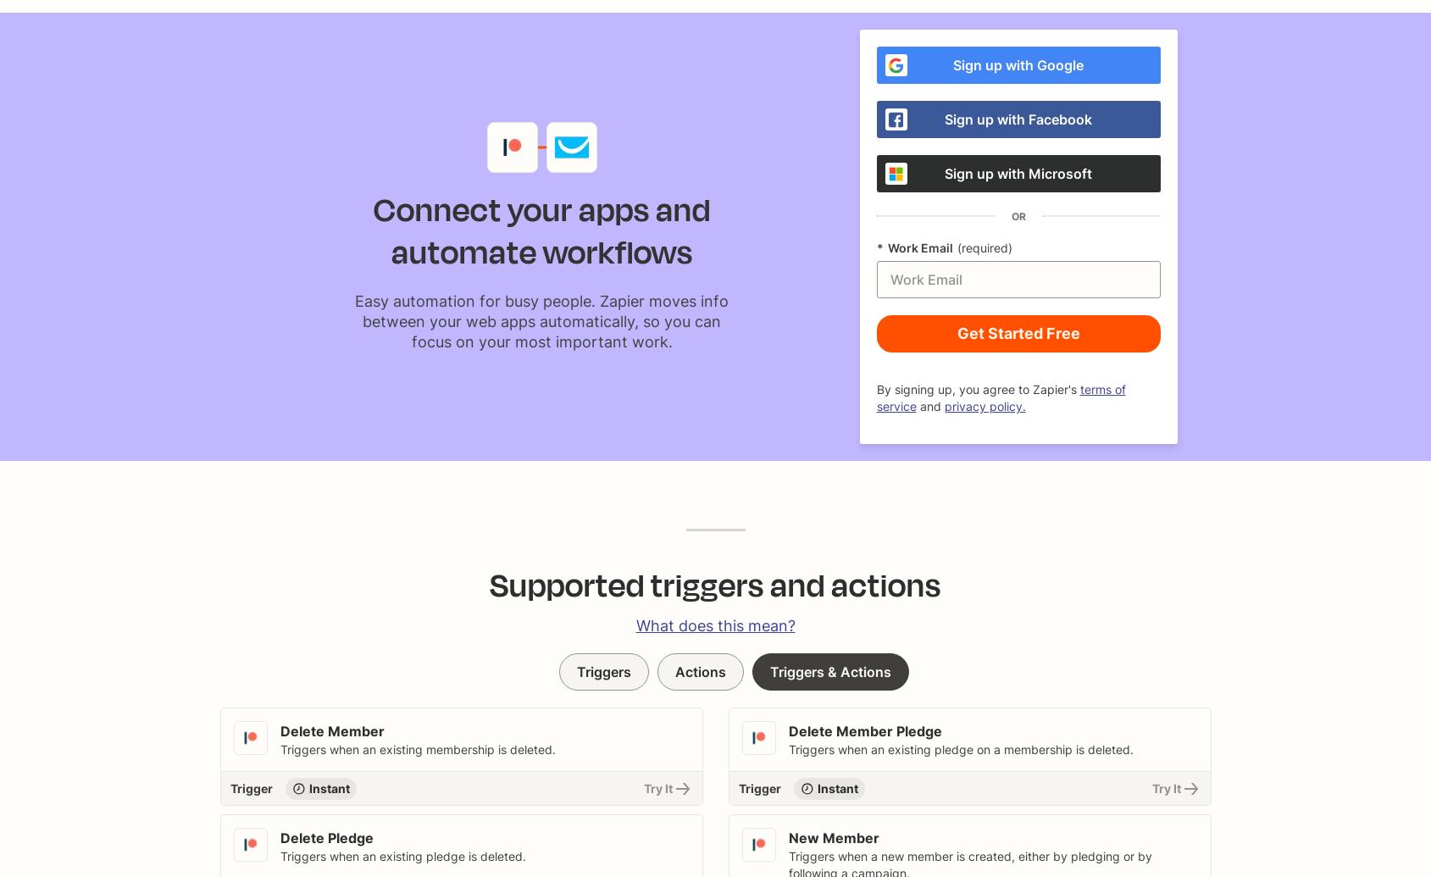  I want to click on 'Easy automation for busy people. Zapier moves info between your web apps automatically, so you can focus on your most important work.', so click(541, 320).